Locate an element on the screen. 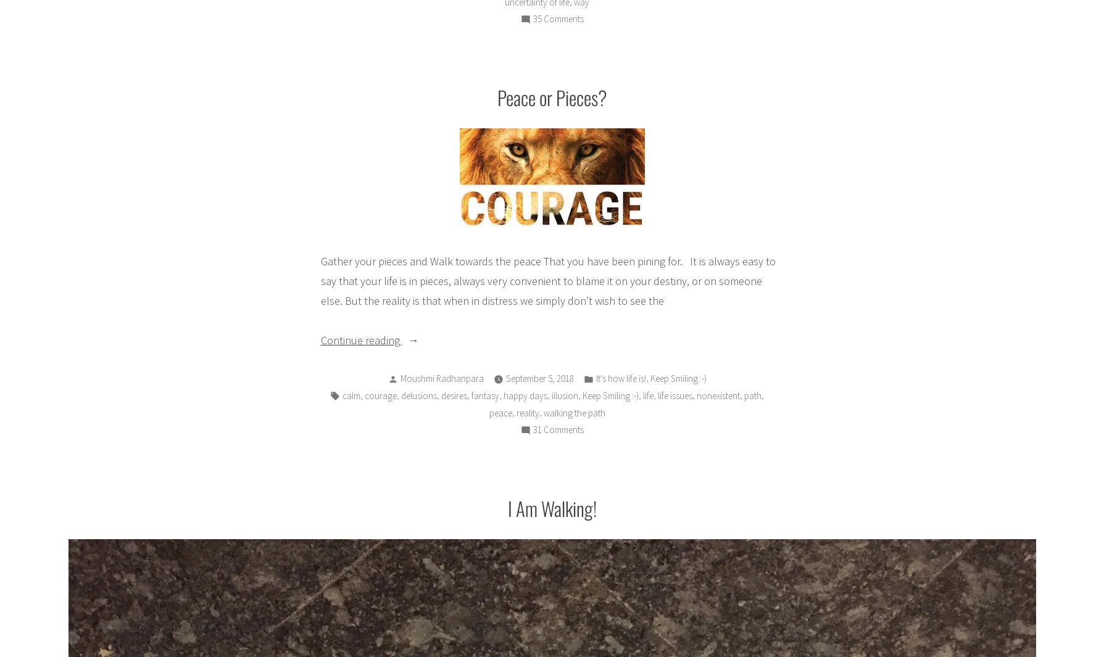 The image size is (1104, 657). 'happy days' is located at coordinates (525, 395).